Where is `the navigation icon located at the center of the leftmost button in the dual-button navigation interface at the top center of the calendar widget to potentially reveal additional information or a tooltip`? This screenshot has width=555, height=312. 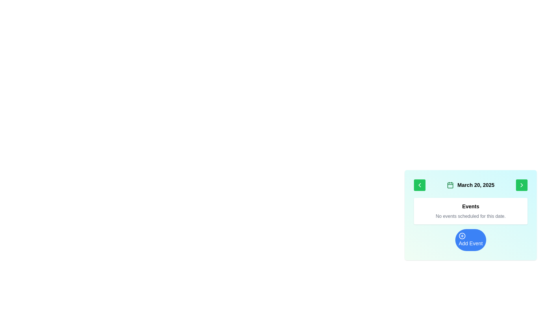
the navigation icon located at the center of the leftmost button in the dual-button navigation interface at the top center of the calendar widget to potentially reveal additional information or a tooltip is located at coordinates (419, 185).